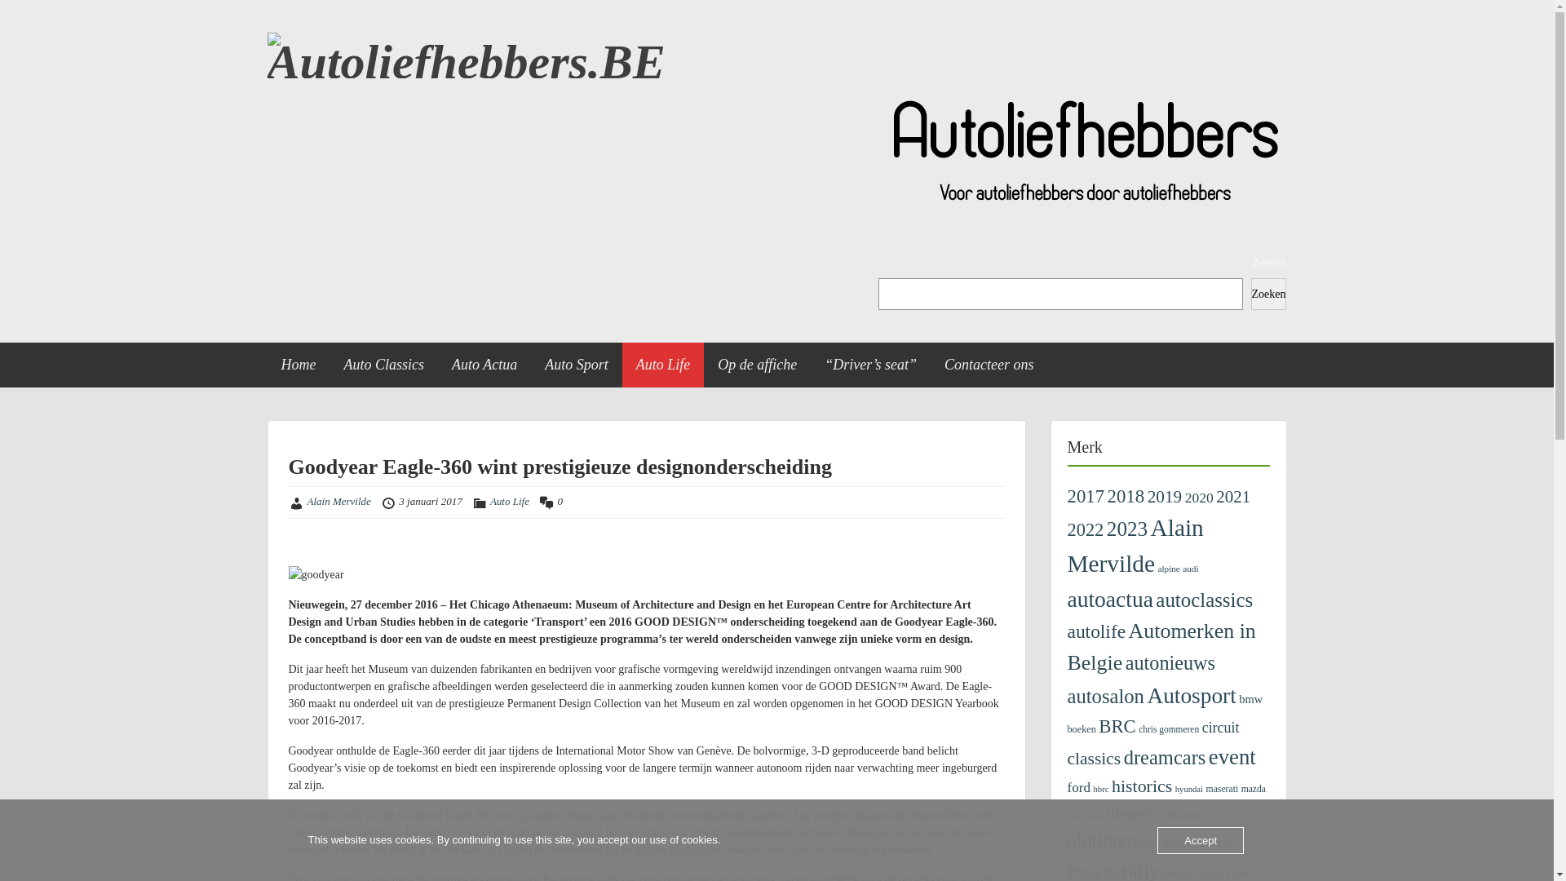 This screenshot has width=1566, height=881. I want to click on 'hyundai', so click(1189, 788).